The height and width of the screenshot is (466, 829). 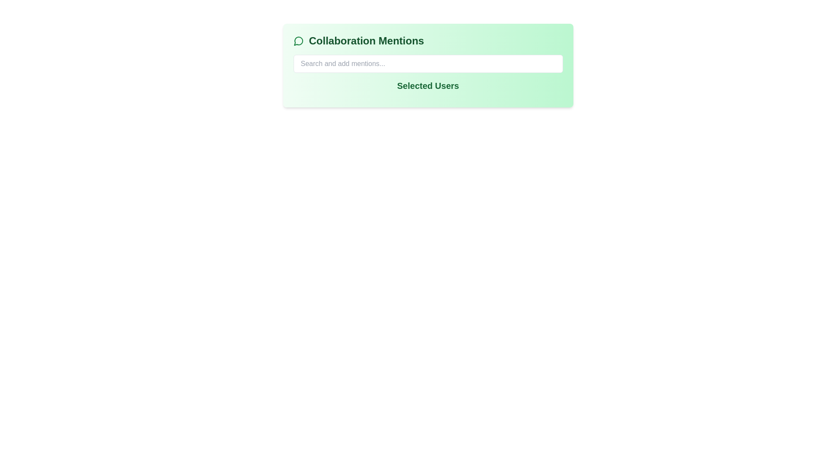 What do you see at coordinates (366, 41) in the screenshot?
I see `the title or header text element located to the right of a message bubble icon in the upper left section of the panel with a light green background` at bounding box center [366, 41].